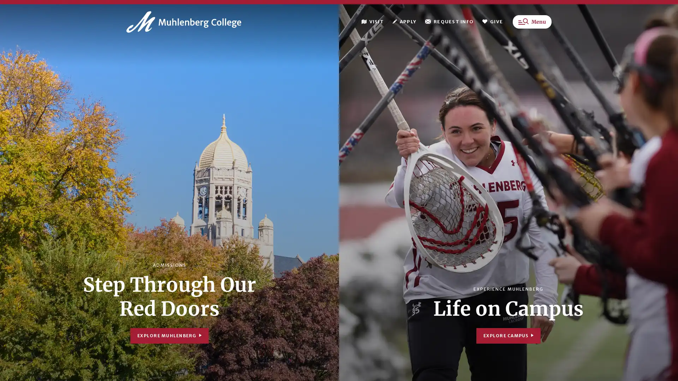 This screenshot has width=678, height=381. Describe the element at coordinates (532, 24) in the screenshot. I see `Menu` at that location.